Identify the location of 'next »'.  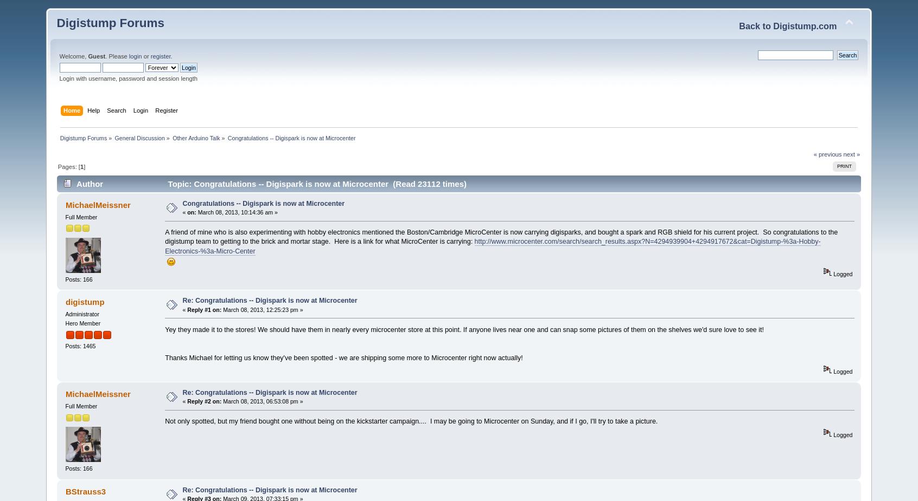
(851, 153).